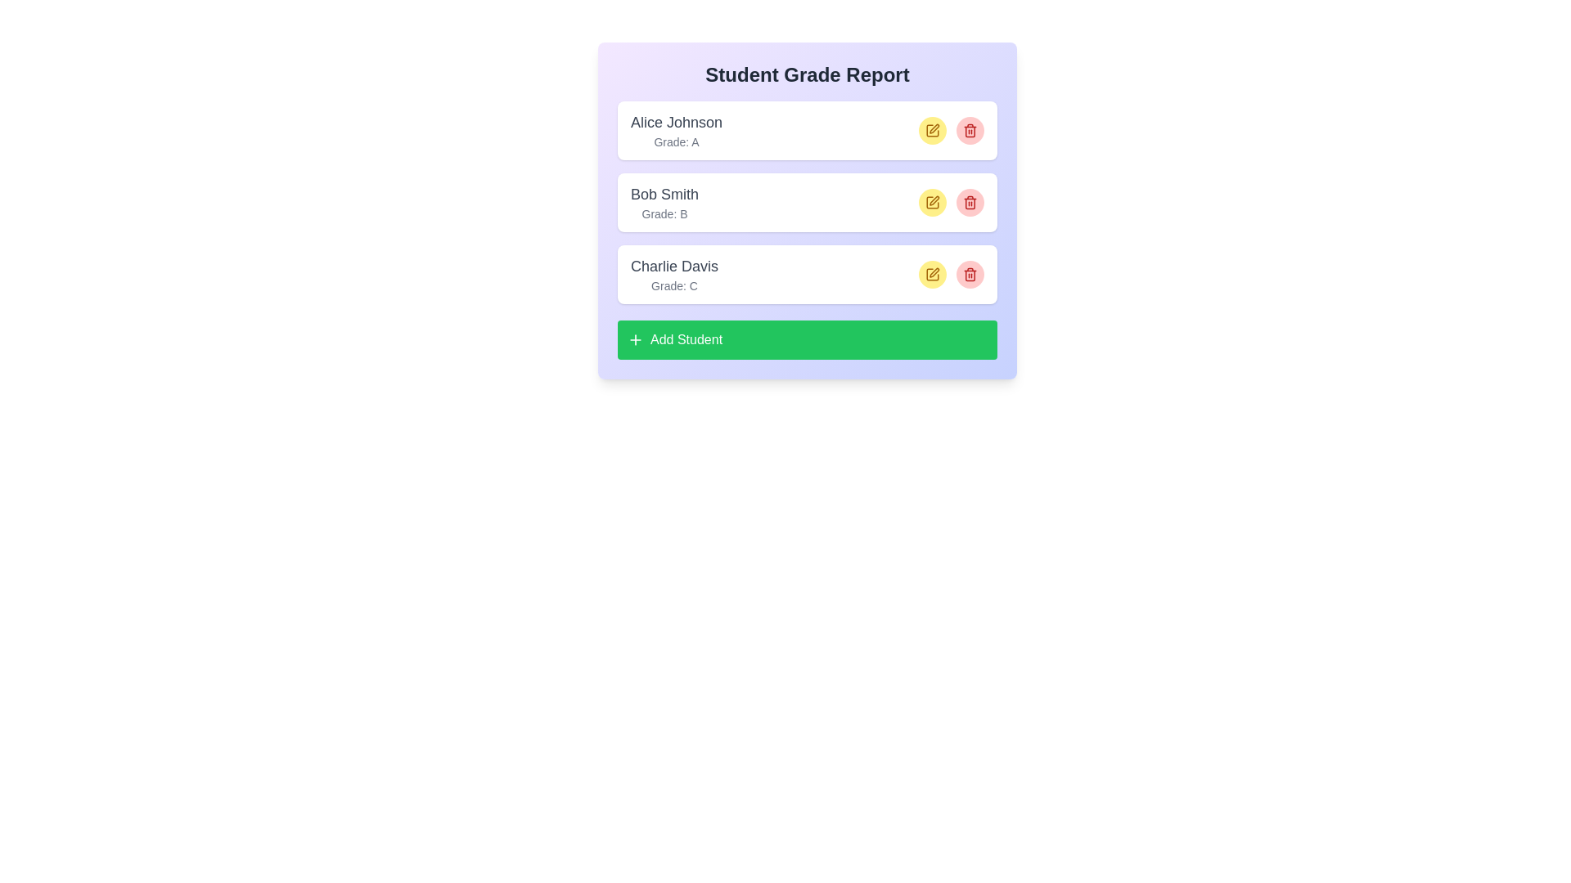 The image size is (1571, 883). What do you see at coordinates (933, 129) in the screenshot?
I see `edit button for the student identified by Alice Johnson` at bounding box center [933, 129].